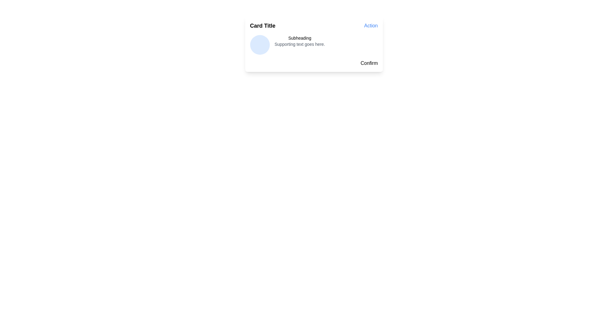  I want to click on the Informational panel that contains a circular blue icon on the left, a bold 'Subheading' at the top, and smaller supporting text below, which is situated in a white card layout below the 'Card Title' and above the 'Confirm' button, so click(314, 45).